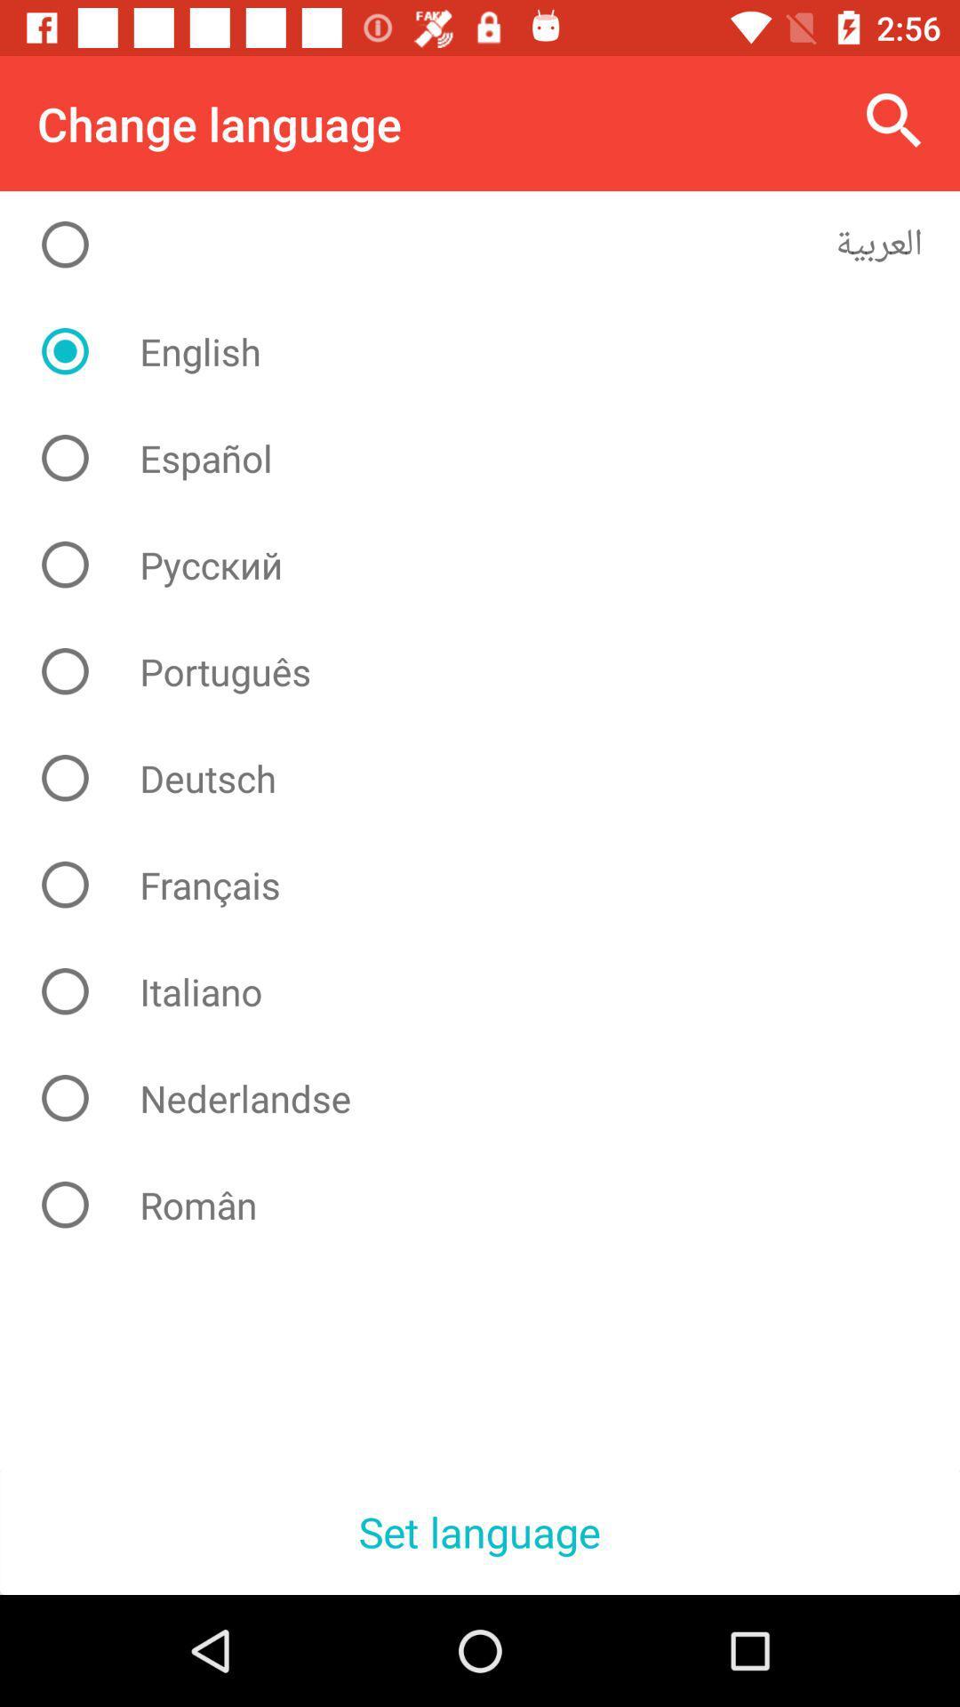 The image size is (960, 1707). I want to click on item above the italiano, so click(493, 885).